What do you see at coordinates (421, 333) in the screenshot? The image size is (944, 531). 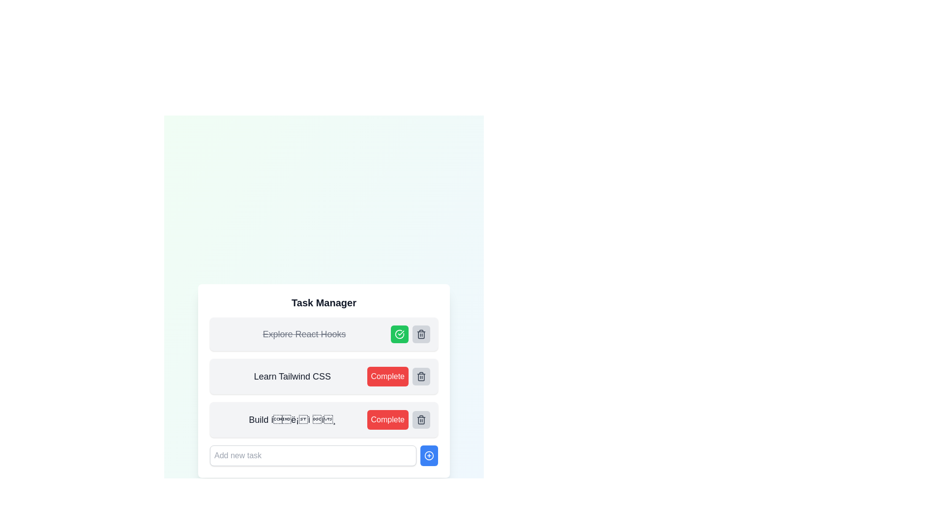 I see `delete button for the task with text 'Explore React Hooks'` at bounding box center [421, 333].